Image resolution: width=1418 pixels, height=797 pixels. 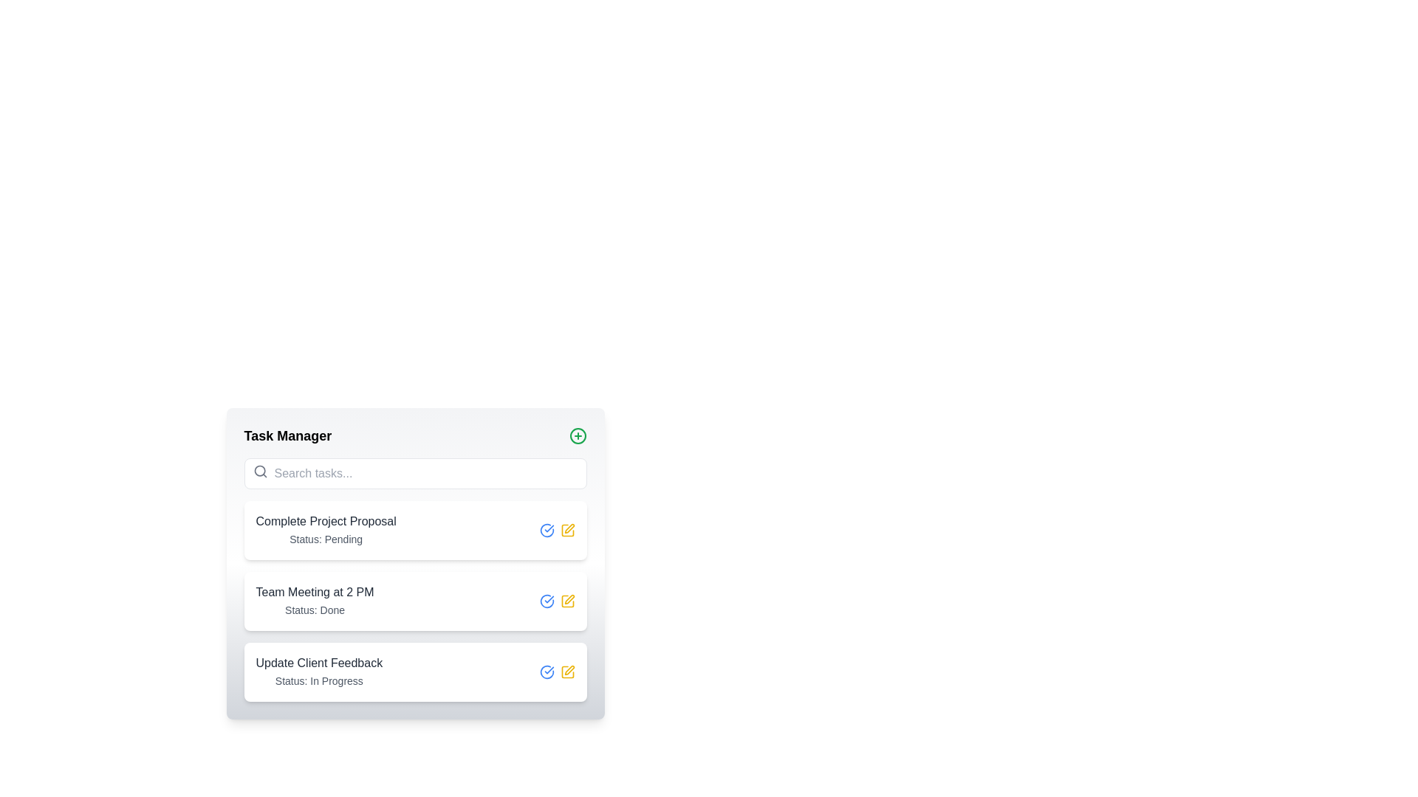 What do you see at coordinates (566, 529) in the screenshot?
I see `the edit icon (pen) located beside the 'Complete Project Proposal' task entry` at bounding box center [566, 529].